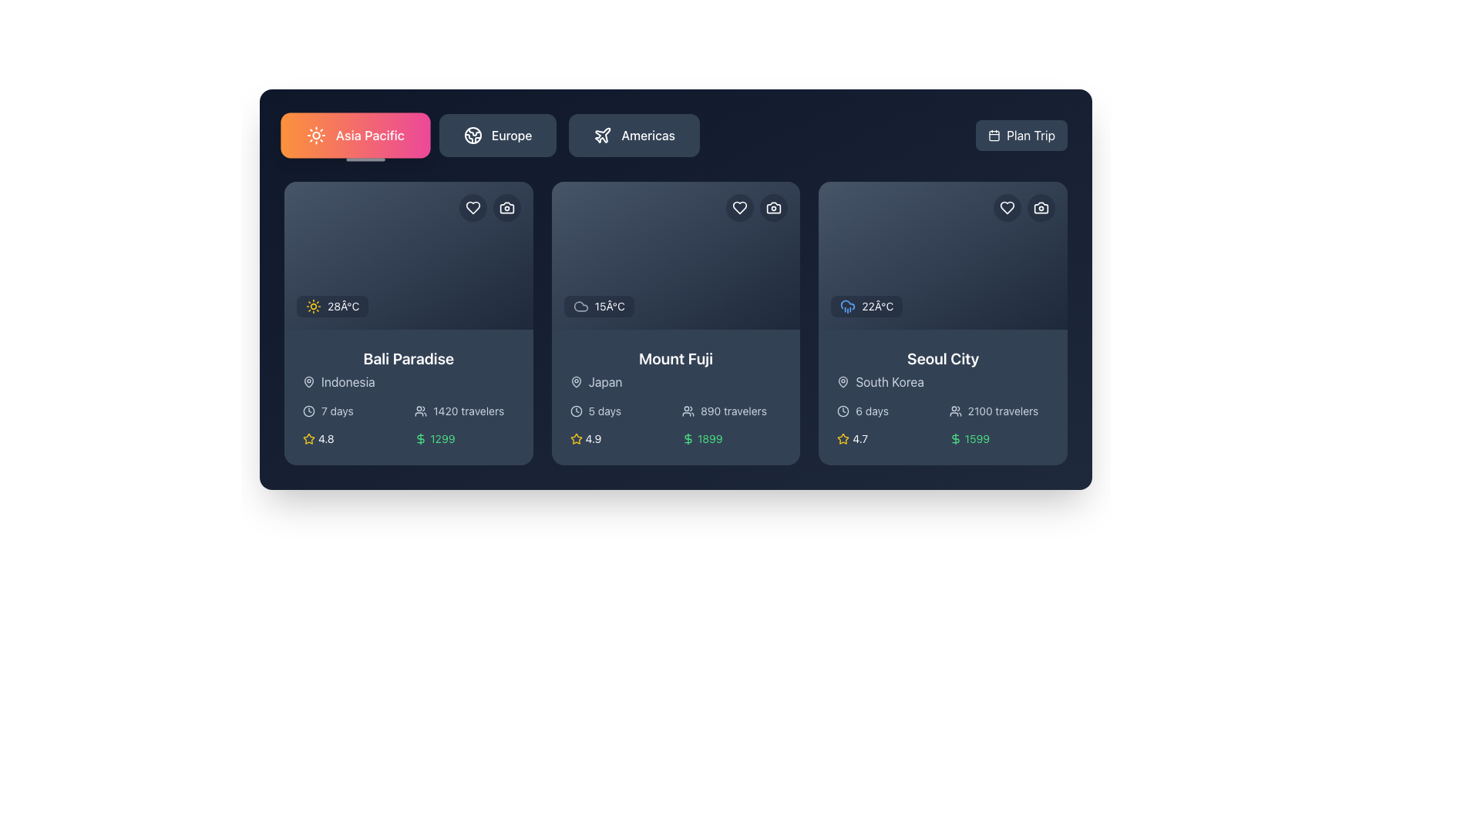  Describe the element at coordinates (409, 369) in the screenshot. I see `text from the Text block containing 'Bali Paradise' and 'Indonesia' located below the 'Asia Pacific' tab in the grid layout of travel destinations` at that location.